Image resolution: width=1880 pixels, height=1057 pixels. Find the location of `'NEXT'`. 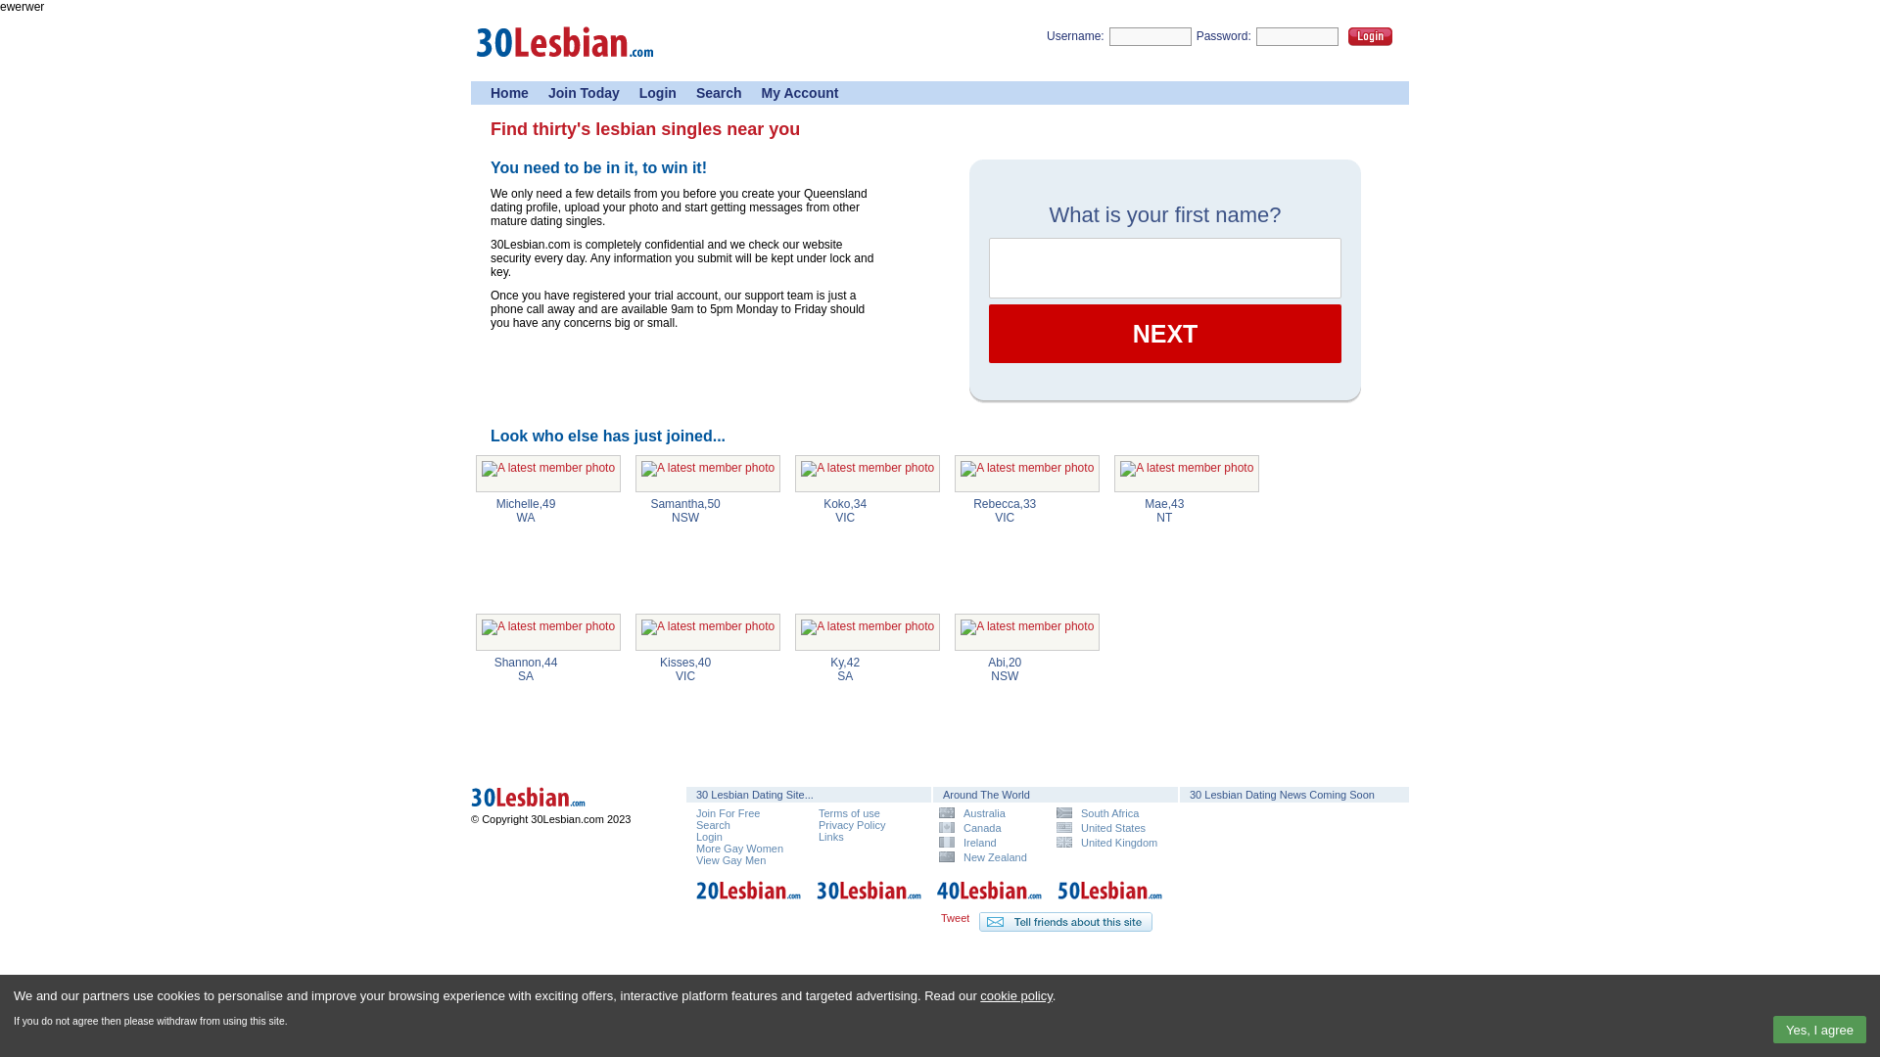

'NEXT' is located at coordinates (1165, 332).